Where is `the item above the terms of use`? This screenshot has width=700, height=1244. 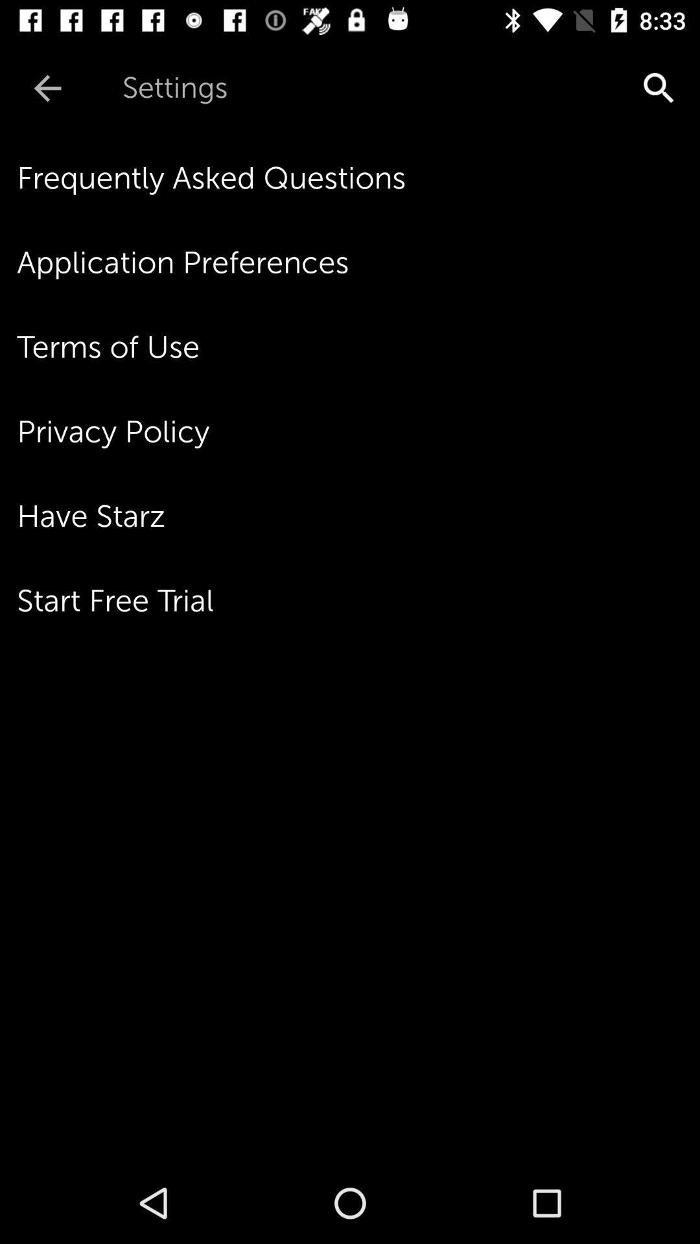 the item above the terms of use is located at coordinates (358, 262).